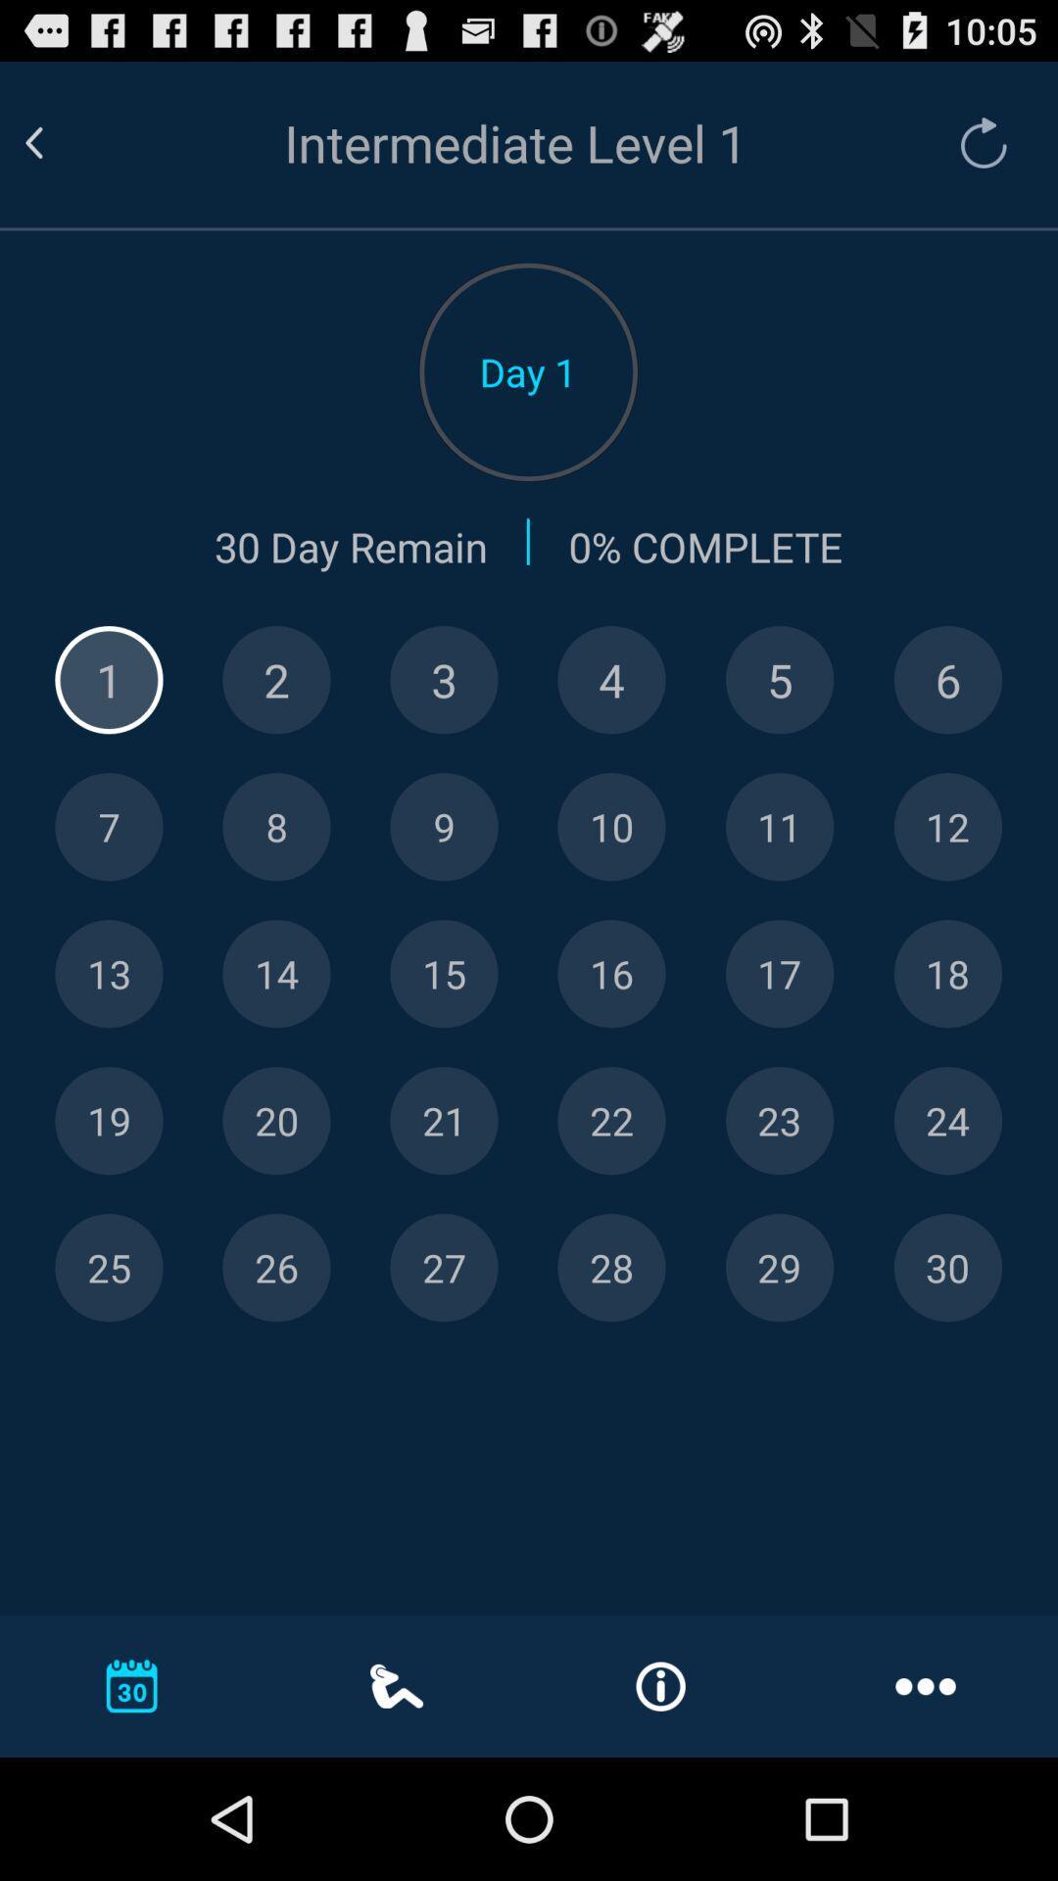  I want to click on go back, so click(57, 142).